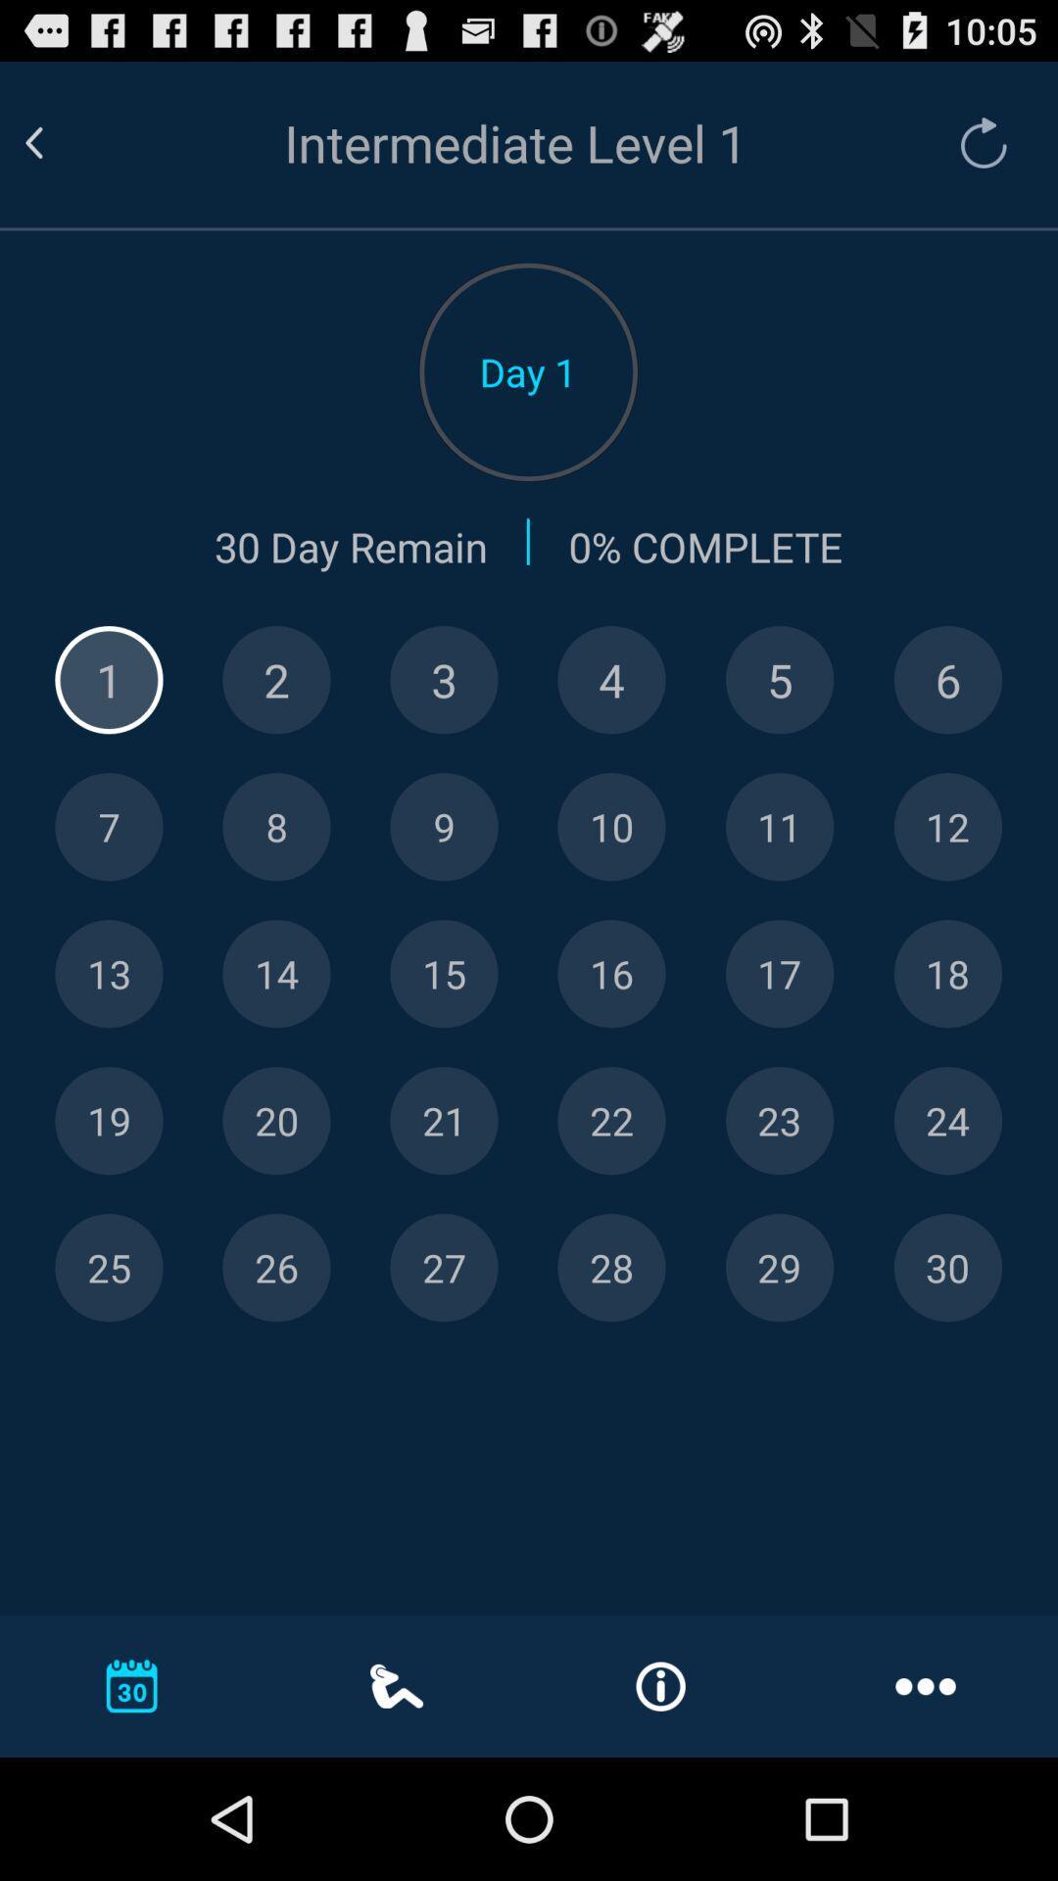  I want to click on go back, so click(57, 142).